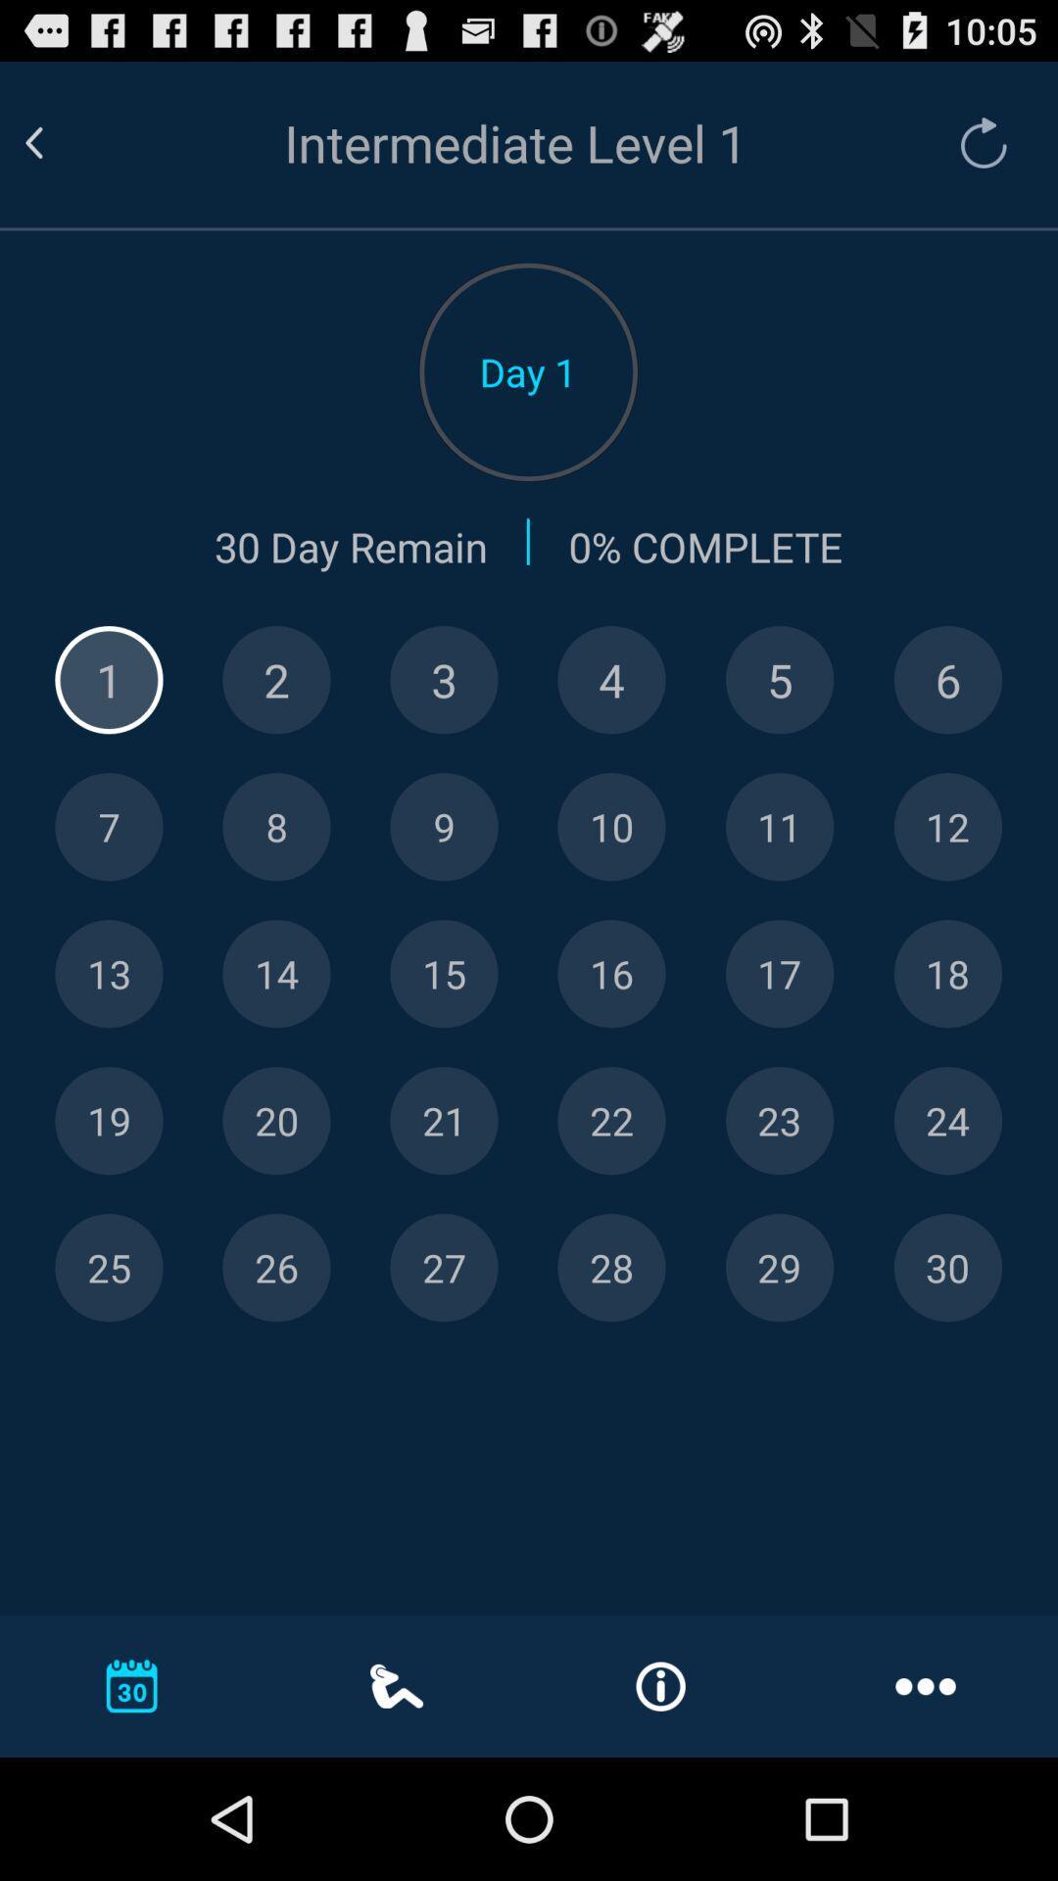  I want to click on go back, so click(57, 142).